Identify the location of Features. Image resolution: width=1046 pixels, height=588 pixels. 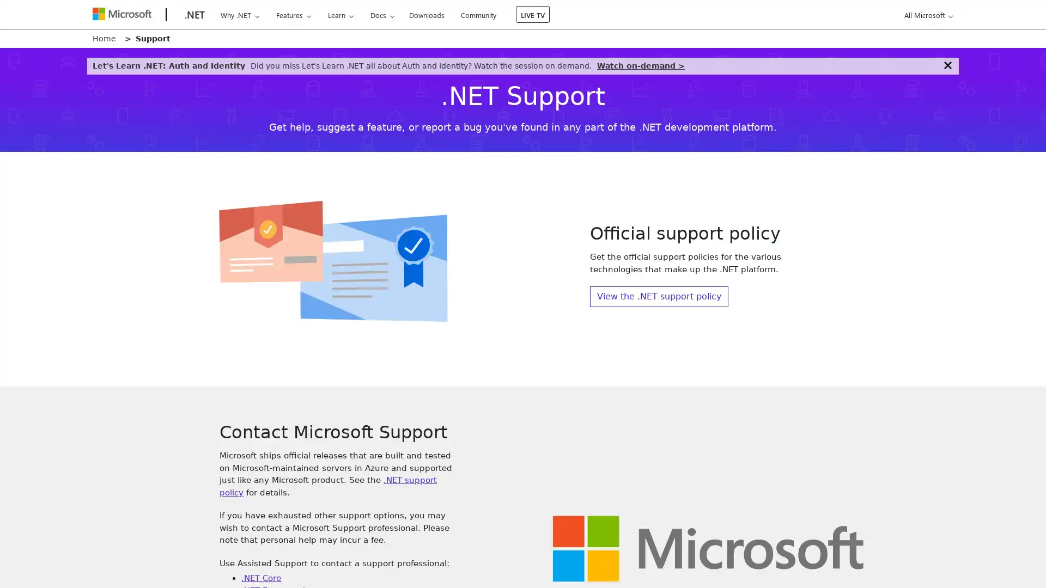
(293, 15).